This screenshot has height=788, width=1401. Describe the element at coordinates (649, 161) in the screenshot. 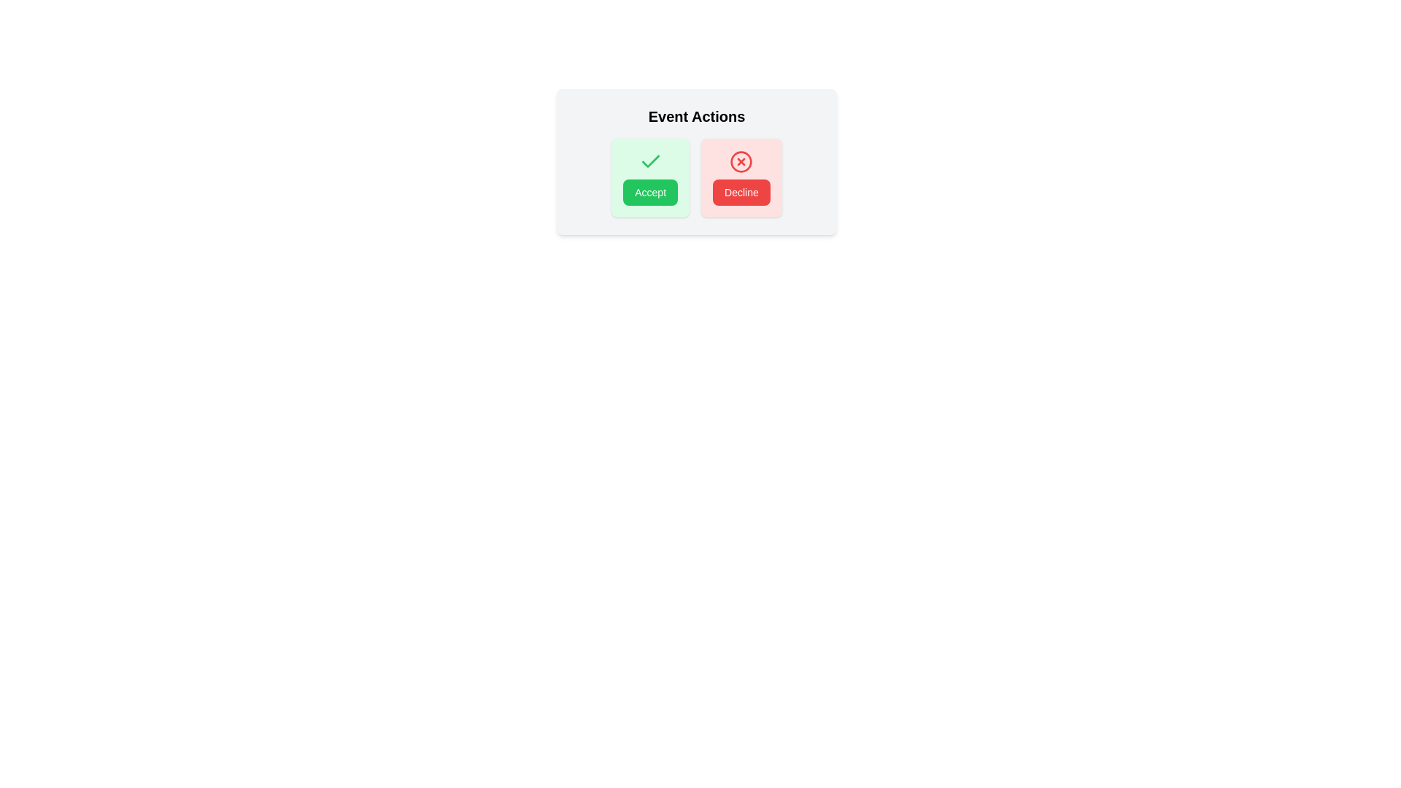

I see `the positive action confirmation icon located within the green 'Accept' button on the left side of the two-button group under the 'Event Actions' title` at that location.